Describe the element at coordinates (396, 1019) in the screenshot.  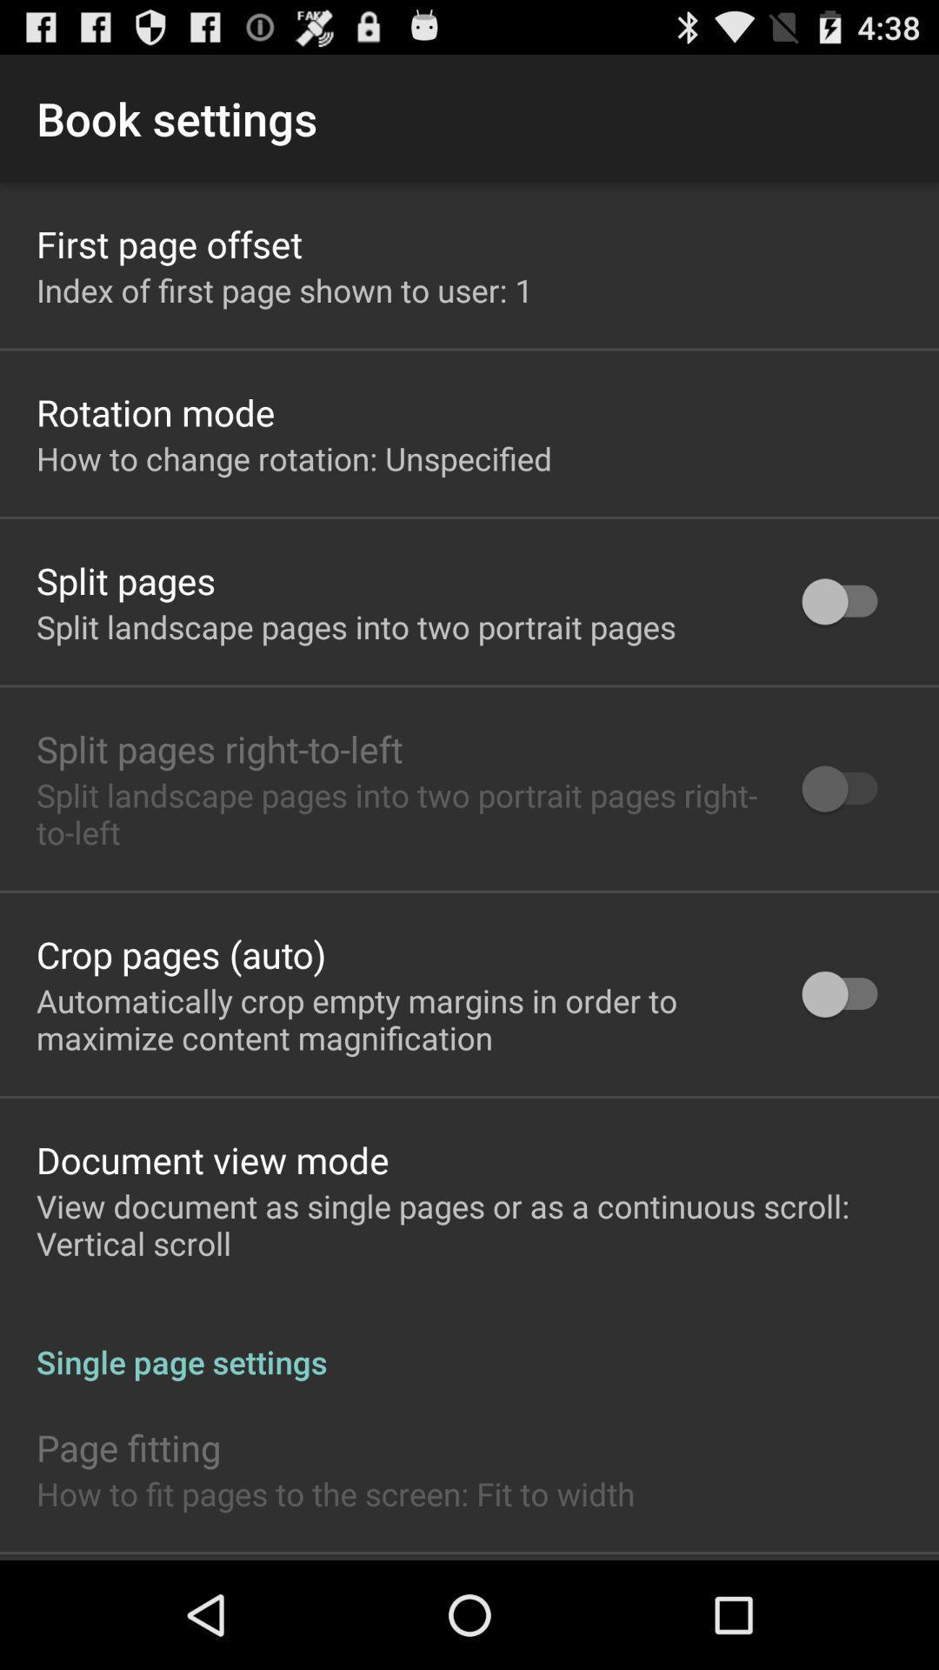
I see `automatically crop empty app` at that location.